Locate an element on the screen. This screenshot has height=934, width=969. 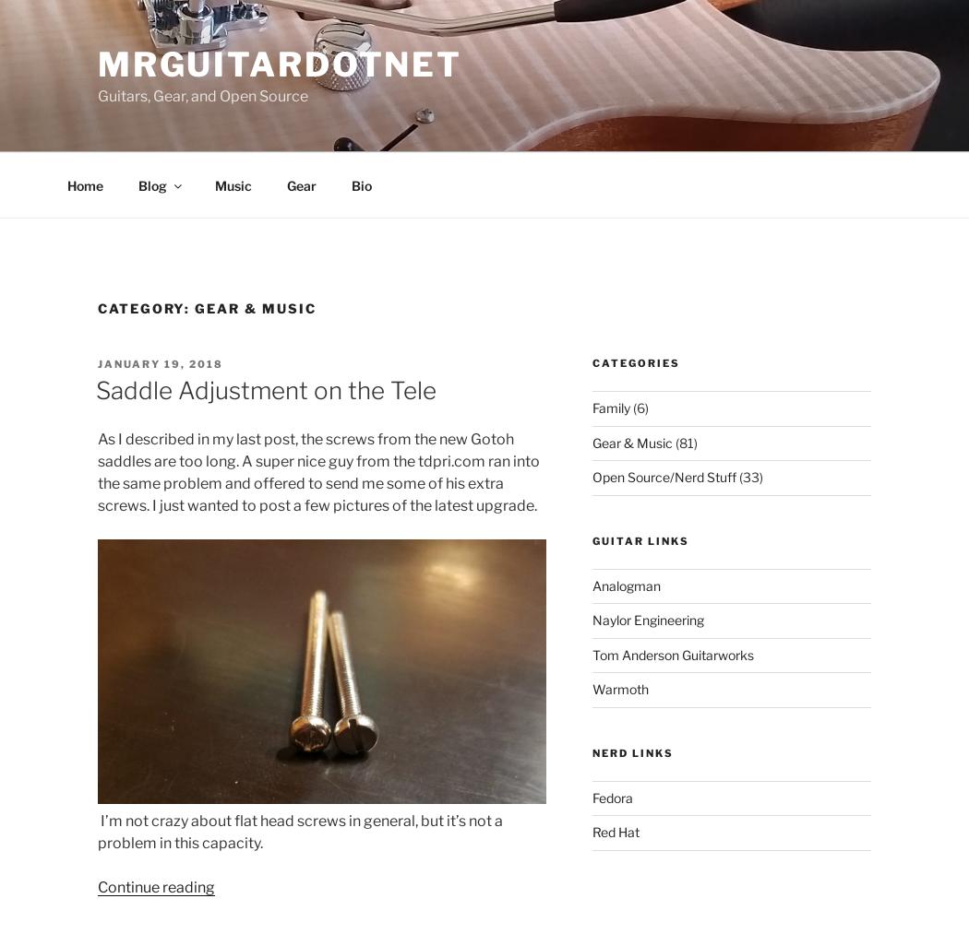
'Fedora' is located at coordinates (612, 797).